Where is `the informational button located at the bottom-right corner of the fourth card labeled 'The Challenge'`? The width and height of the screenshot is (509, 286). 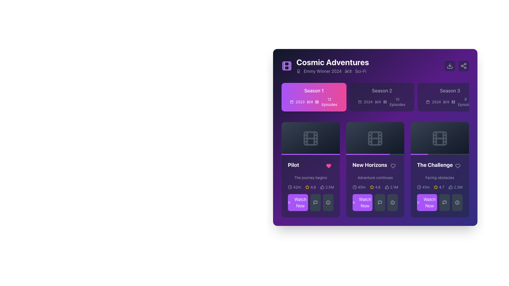 the informational button located at the bottom-right corner of the fourth card labeled 'The Challenge' is located at coordinates (457, 202).